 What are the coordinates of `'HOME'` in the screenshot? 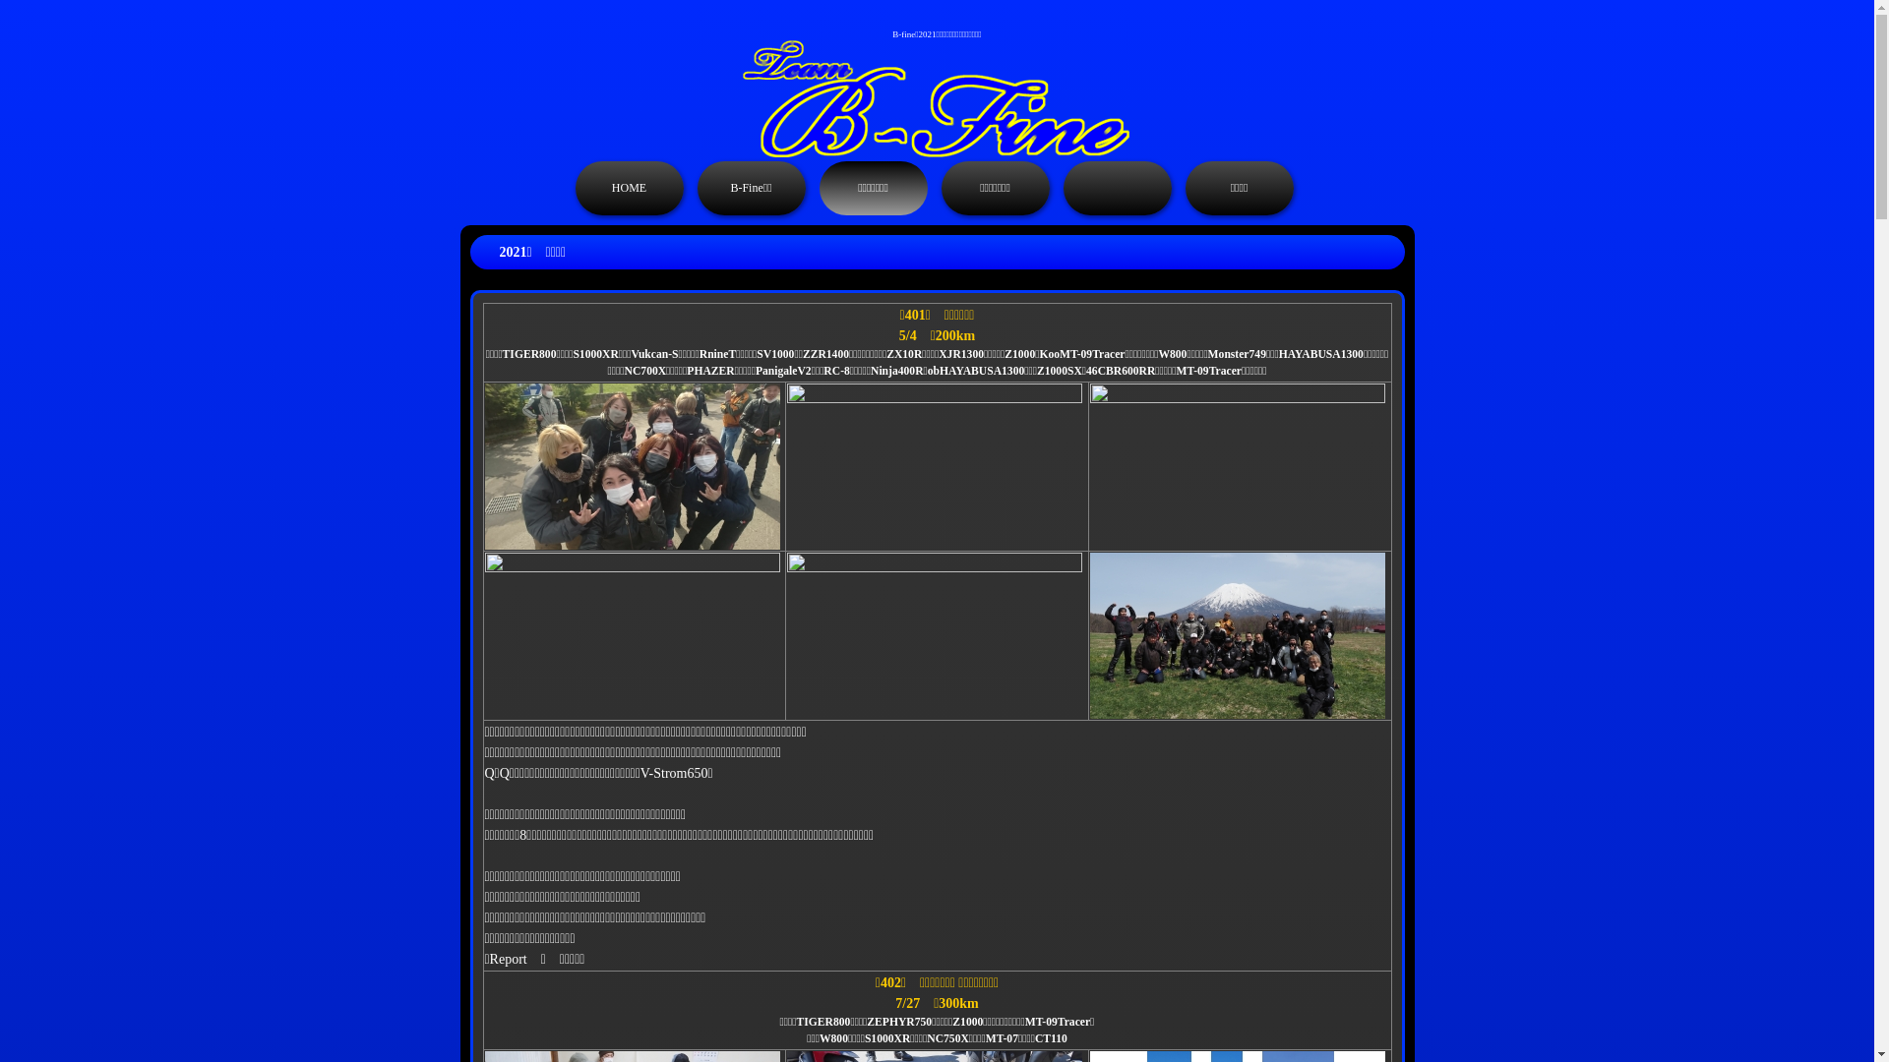 It's located at (627, 188).